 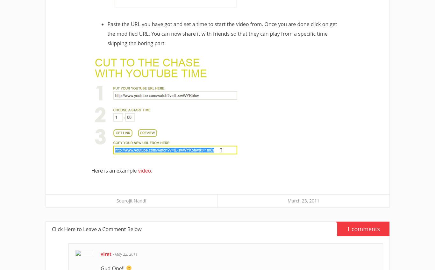 I want to click on 'Here is an example', so click(x=114, y=170).